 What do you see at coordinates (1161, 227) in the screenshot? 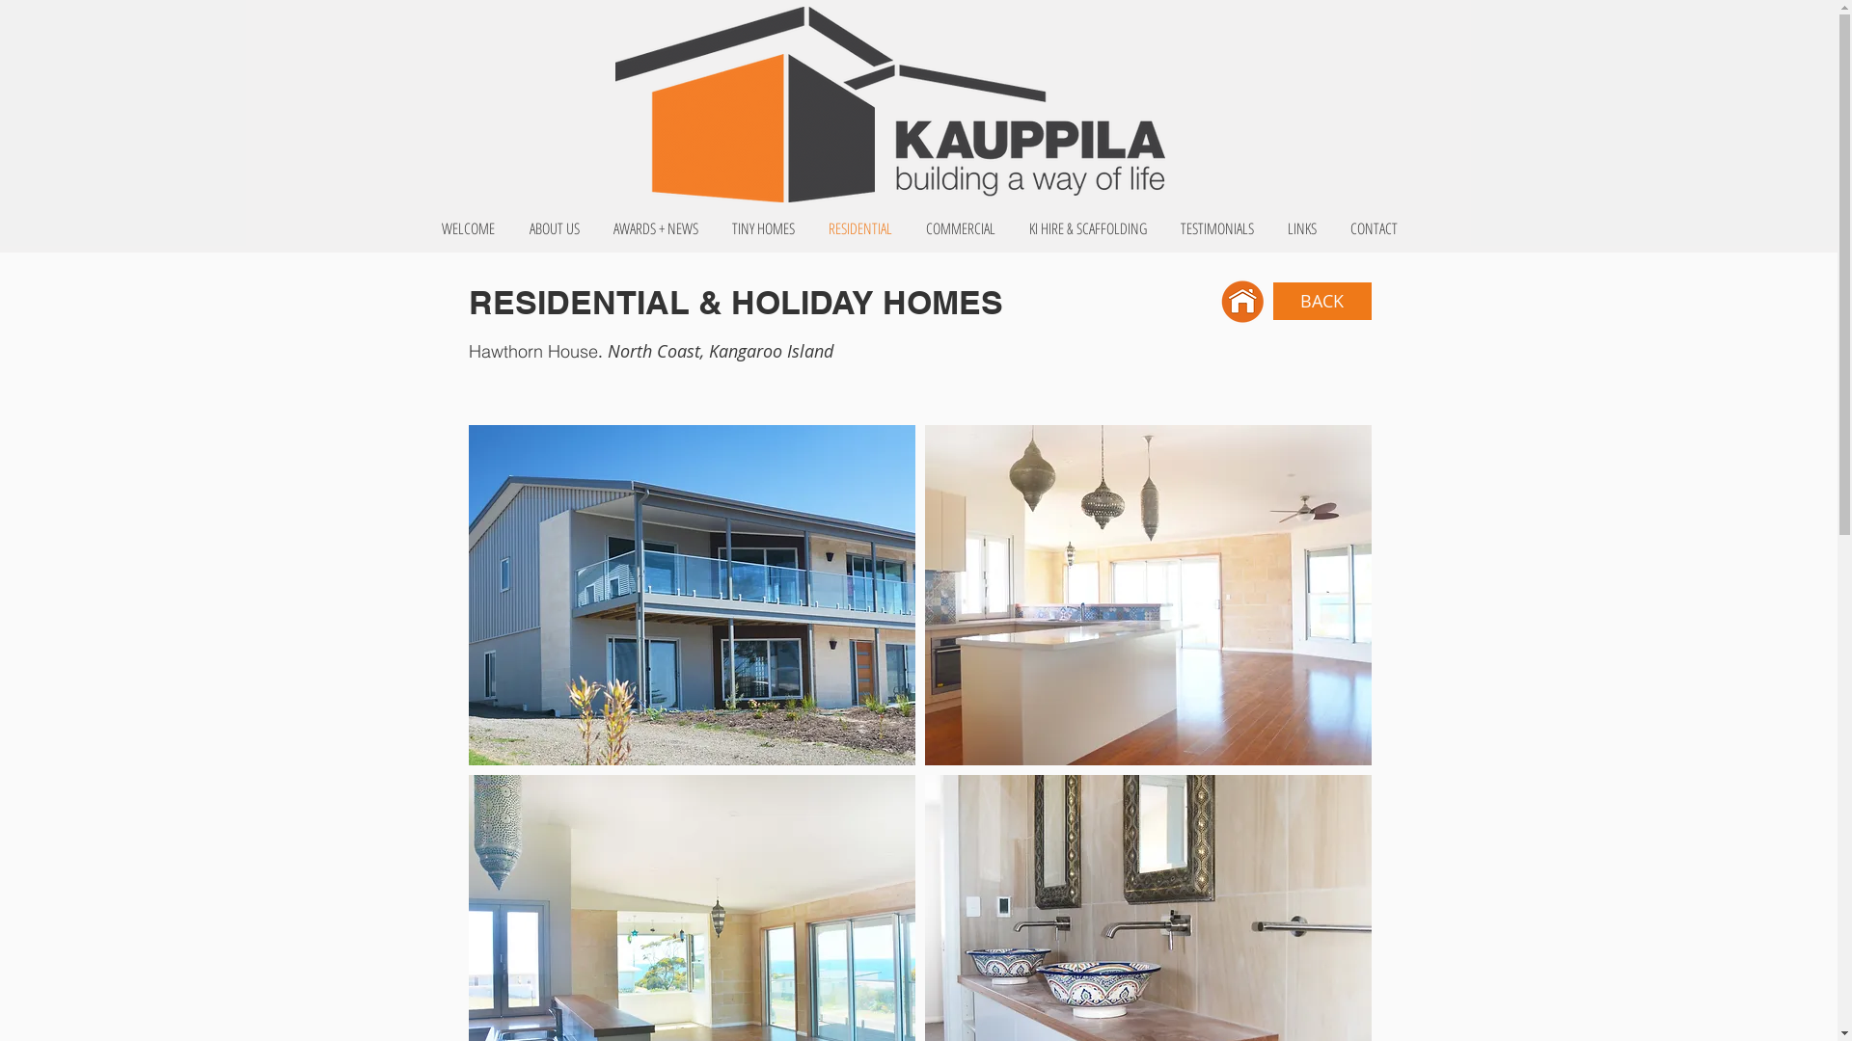
I see `'TESTIMONIALS'` at bounding box center [1161, 227].